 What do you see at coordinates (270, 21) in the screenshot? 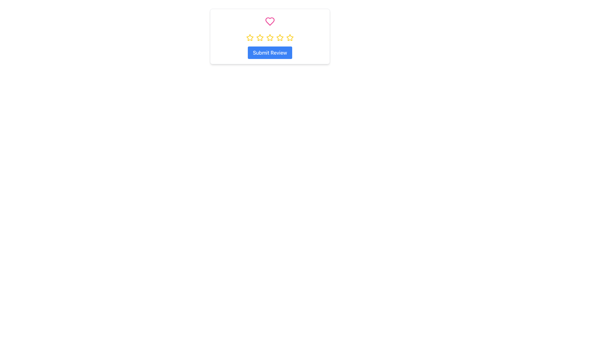
I see `the heart button located at the center-top position above a row of yellow stars, used for liking or adding to favorites` at bounding box center [270, 21].